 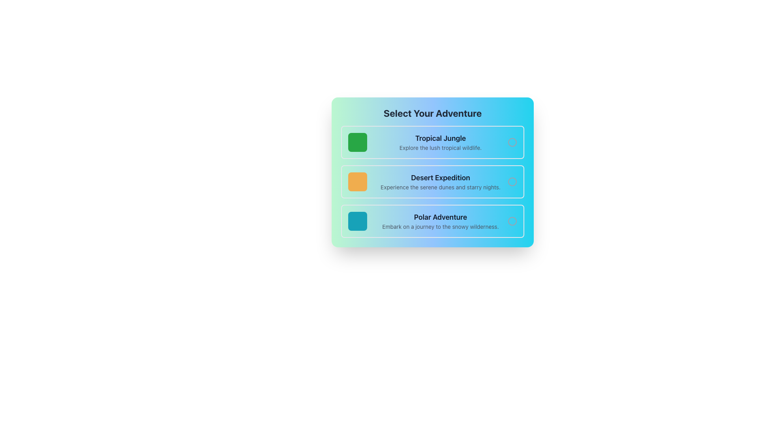 I want to click on the 'Desert Expedition' interactive option card, which is the second panel in the list beneath 'Select Your Adventure', so click(x=432, y=182).